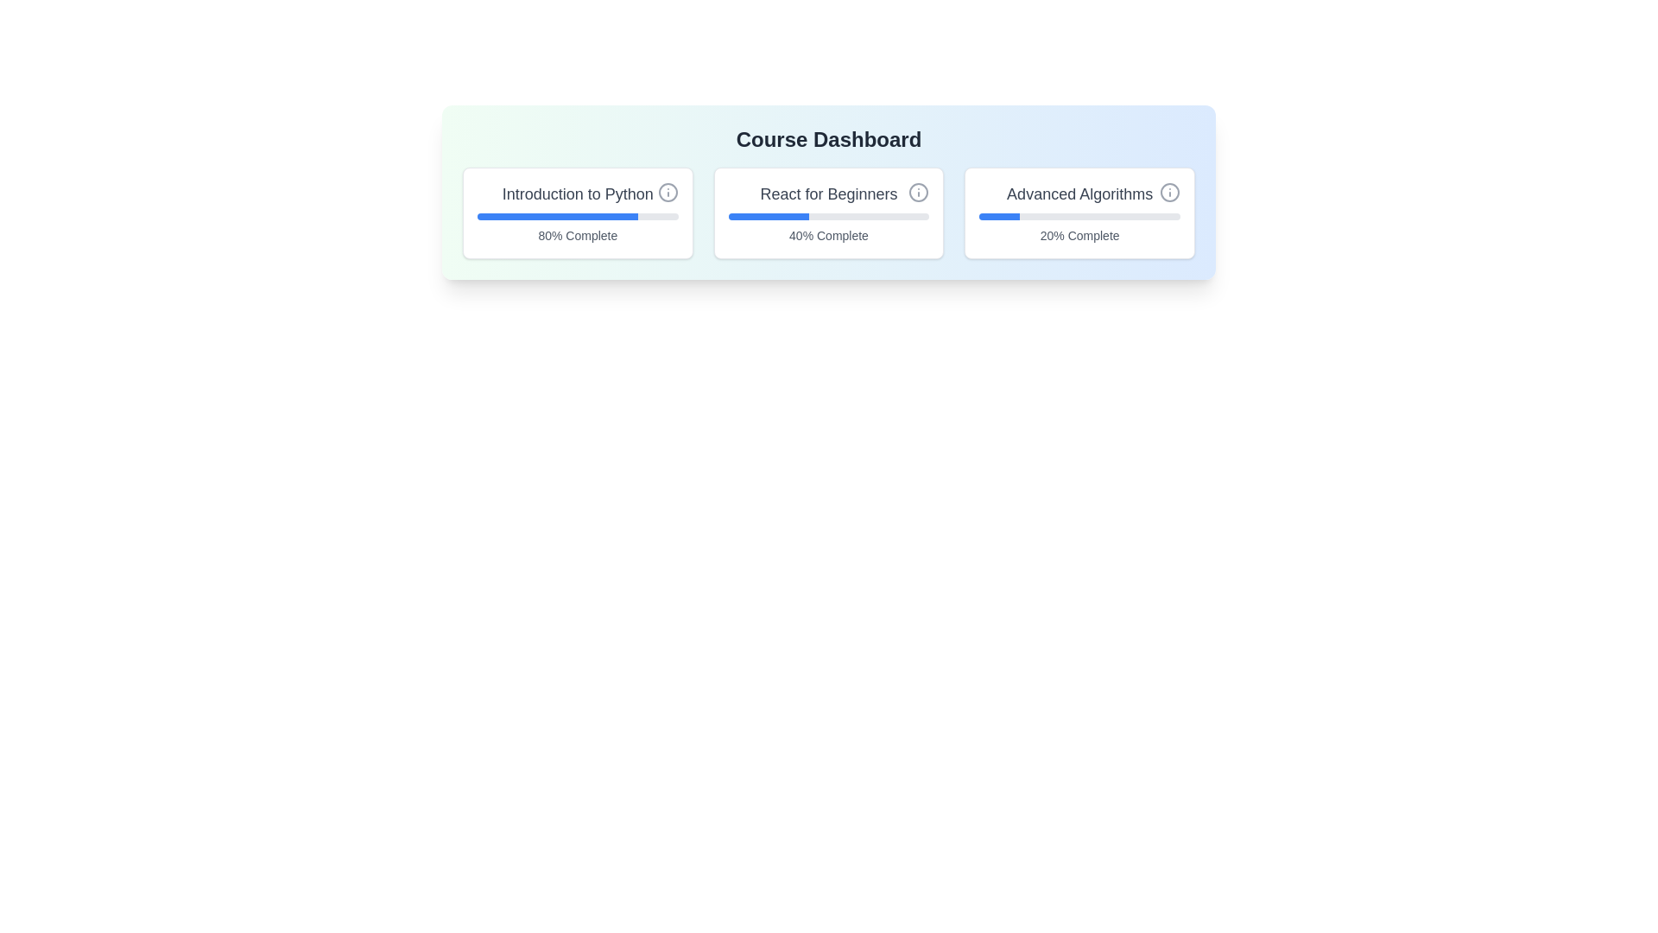 The image size is (1658, 933). I want to click on the course card for 'React for Beginners', so click(829, 212).